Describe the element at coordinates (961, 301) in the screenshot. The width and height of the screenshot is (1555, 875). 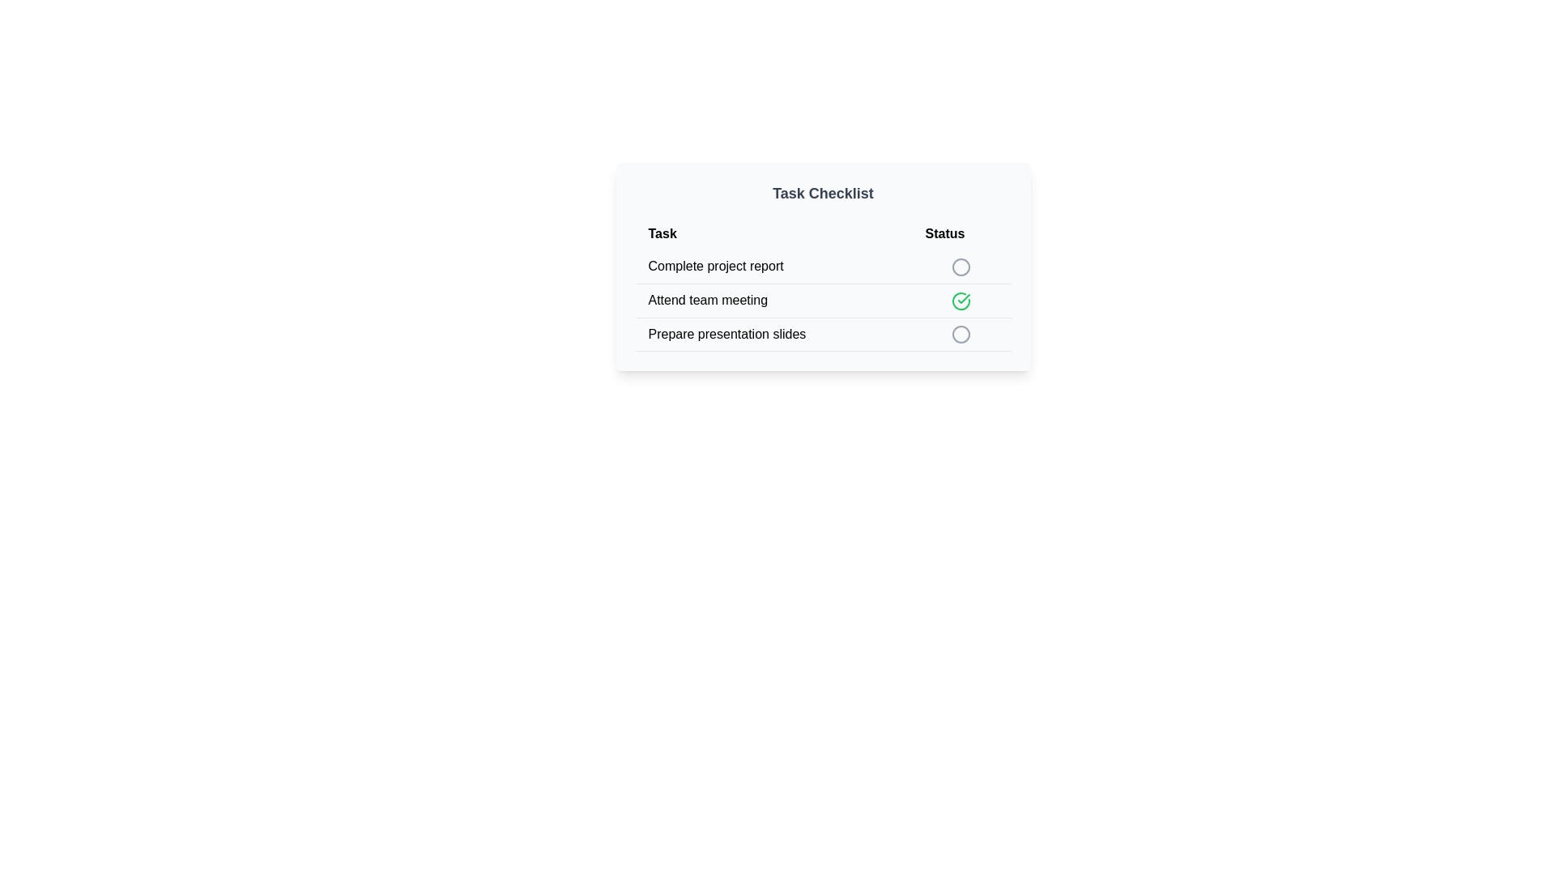
I see `the green circular checkmark icon indicating completion in the 'Status' column of the 'Attend team meeting' row in the task checklist` at that location.